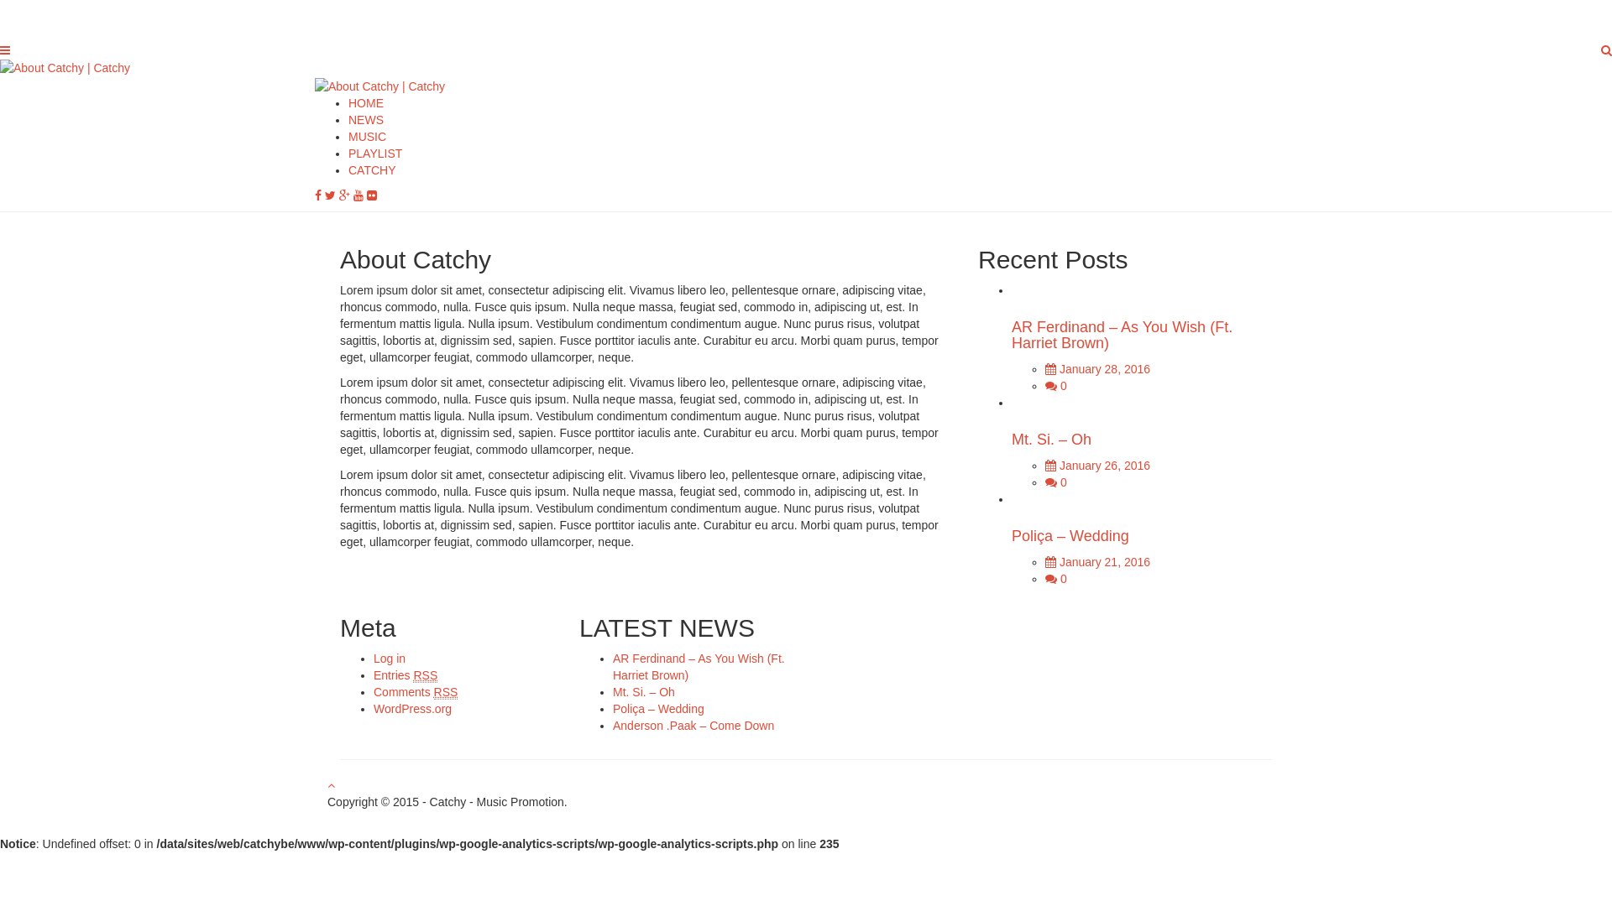  Describe the element at coordinates (374, 153) in the screenshot. I see `'PLAYLIST'` at that location.